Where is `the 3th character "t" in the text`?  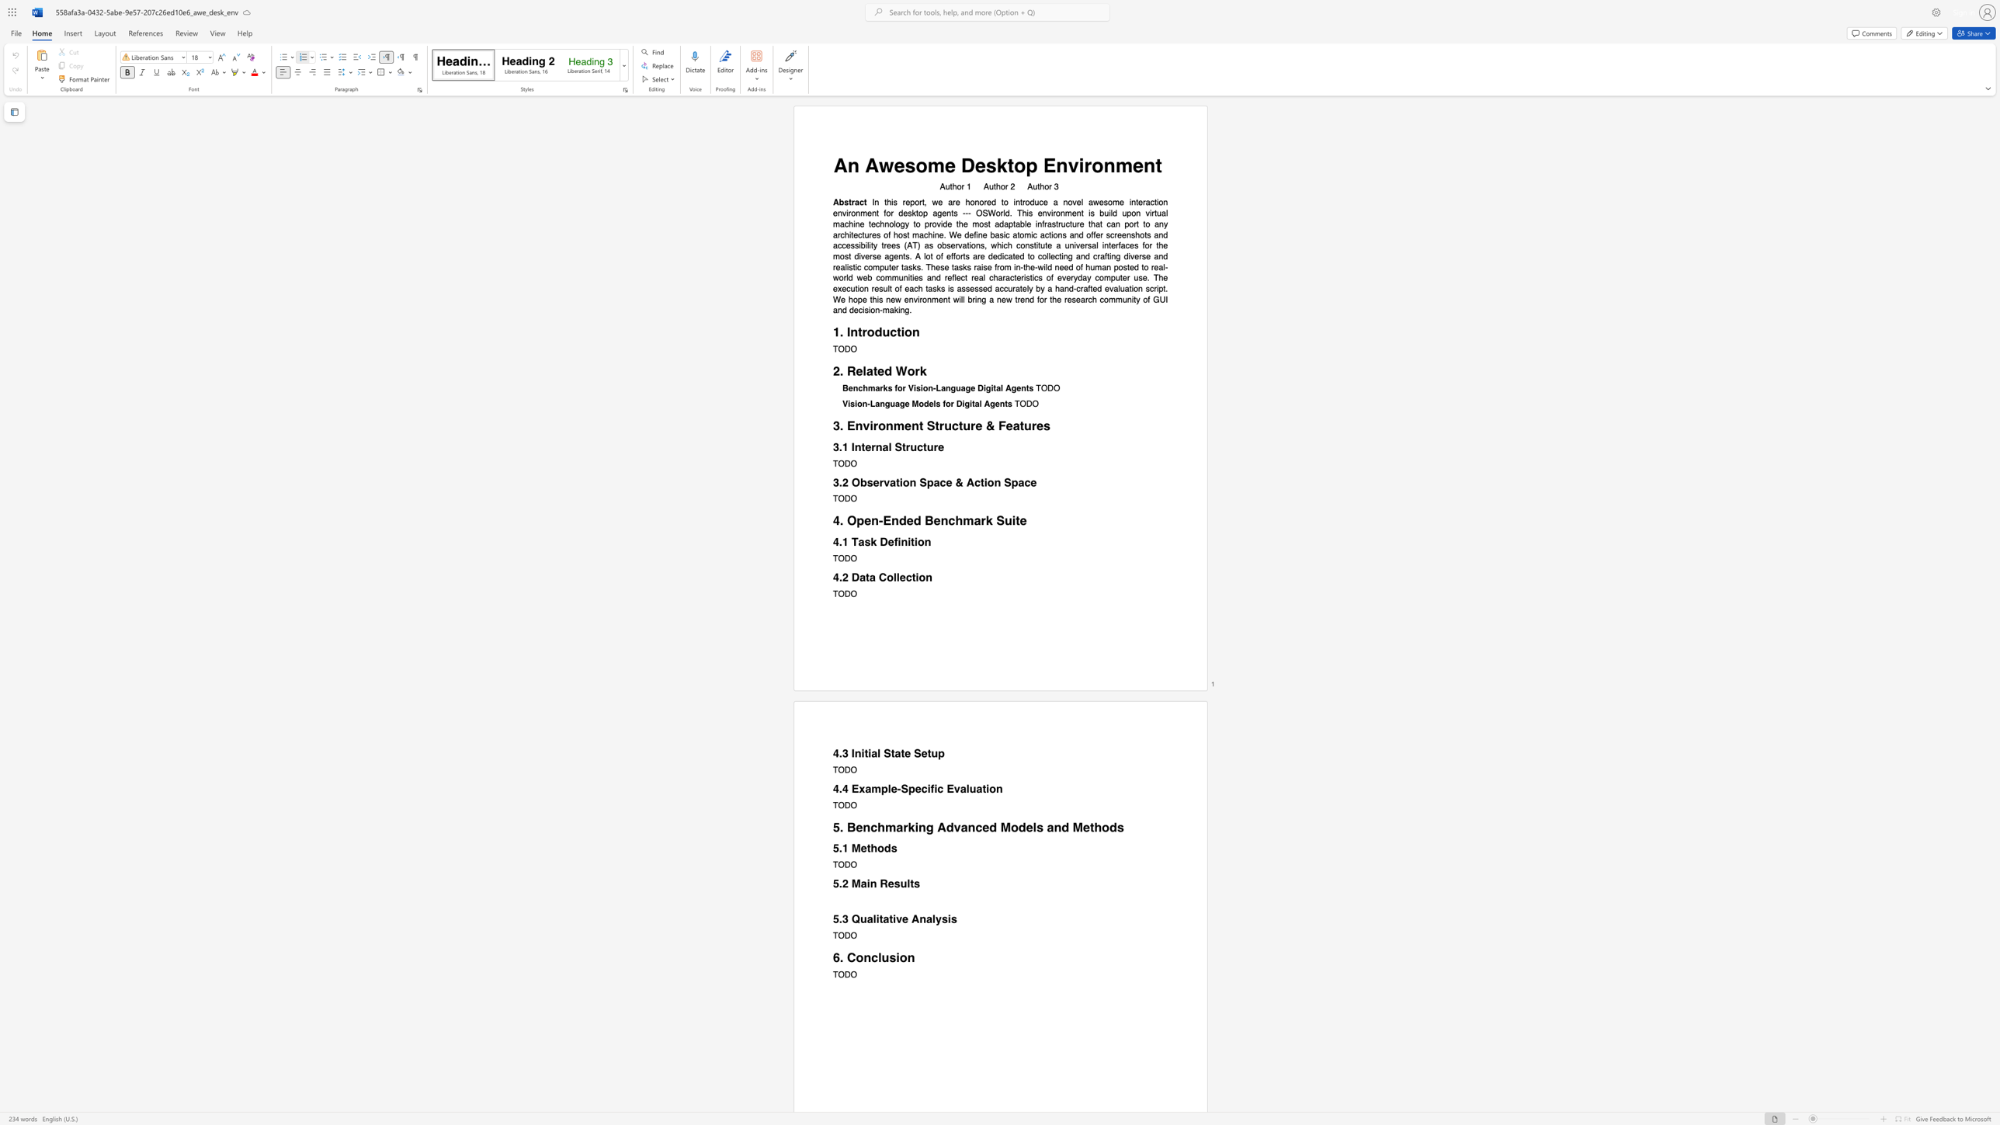 the 3th character "t" in the text is located at coordinates (901, 752).